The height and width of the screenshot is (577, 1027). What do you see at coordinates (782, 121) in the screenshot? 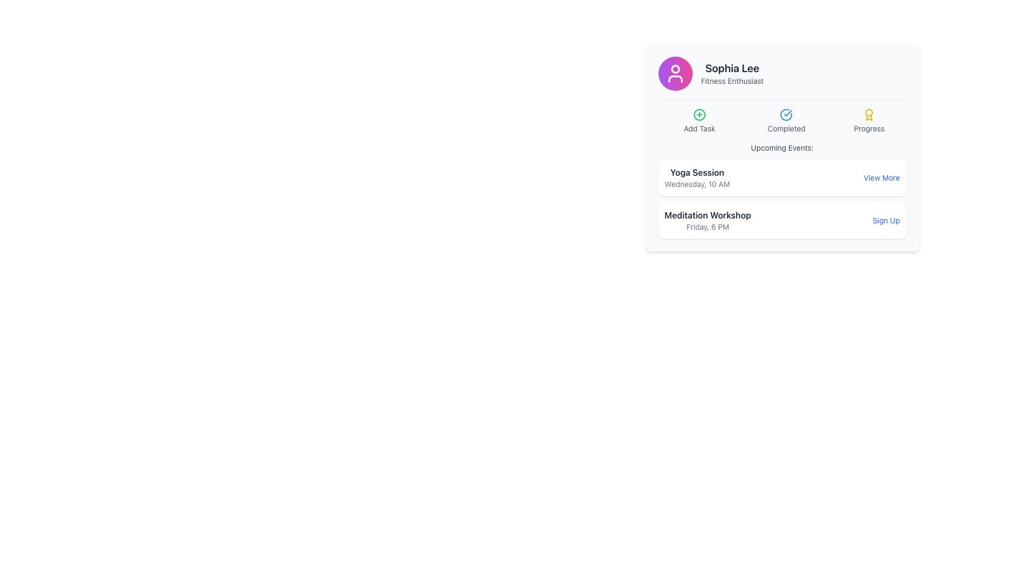
I see `the grouped navigation component containing the items 'Add Task', 'Completed', and 'Progress'` at bounding box center [782, 121].